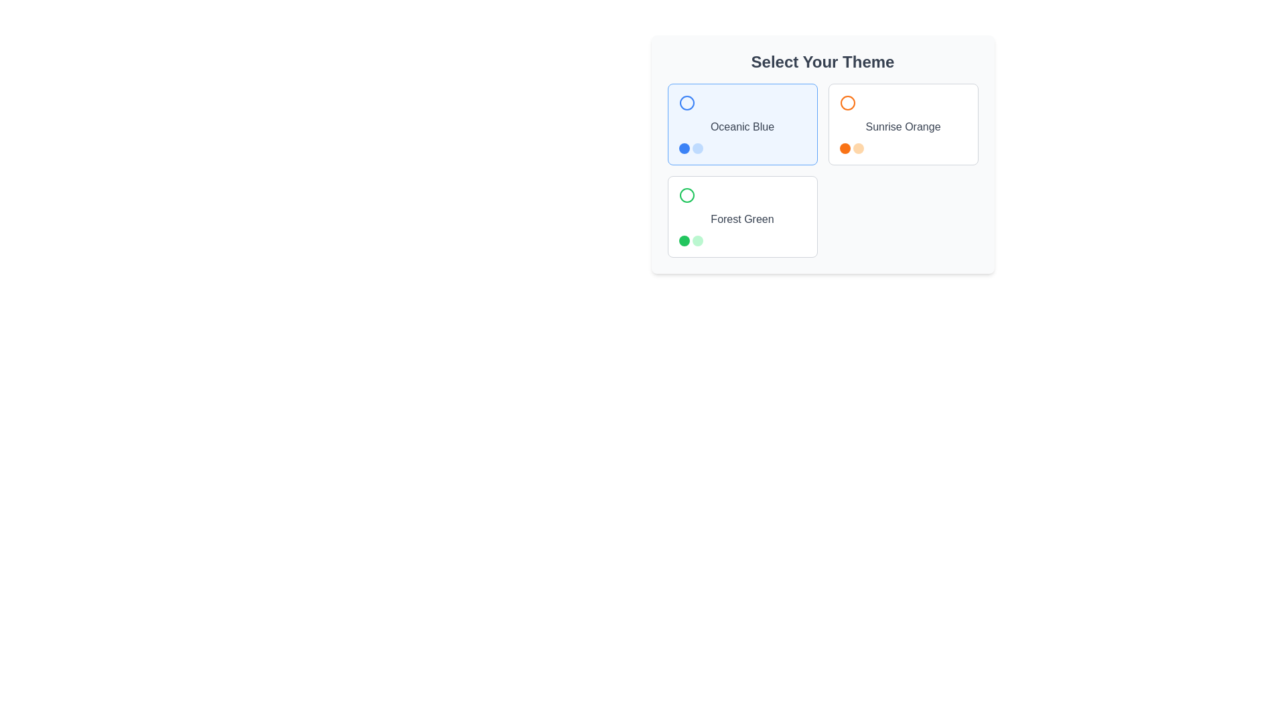 The height and width of the screenshot is (723, 1286). Describe the element at coordinates (847, 102) in the screenshot. I see `the color preview icon representing the 'Sunrise Orange' theme, located in the upper-right section of the theme selection interface` at that location.